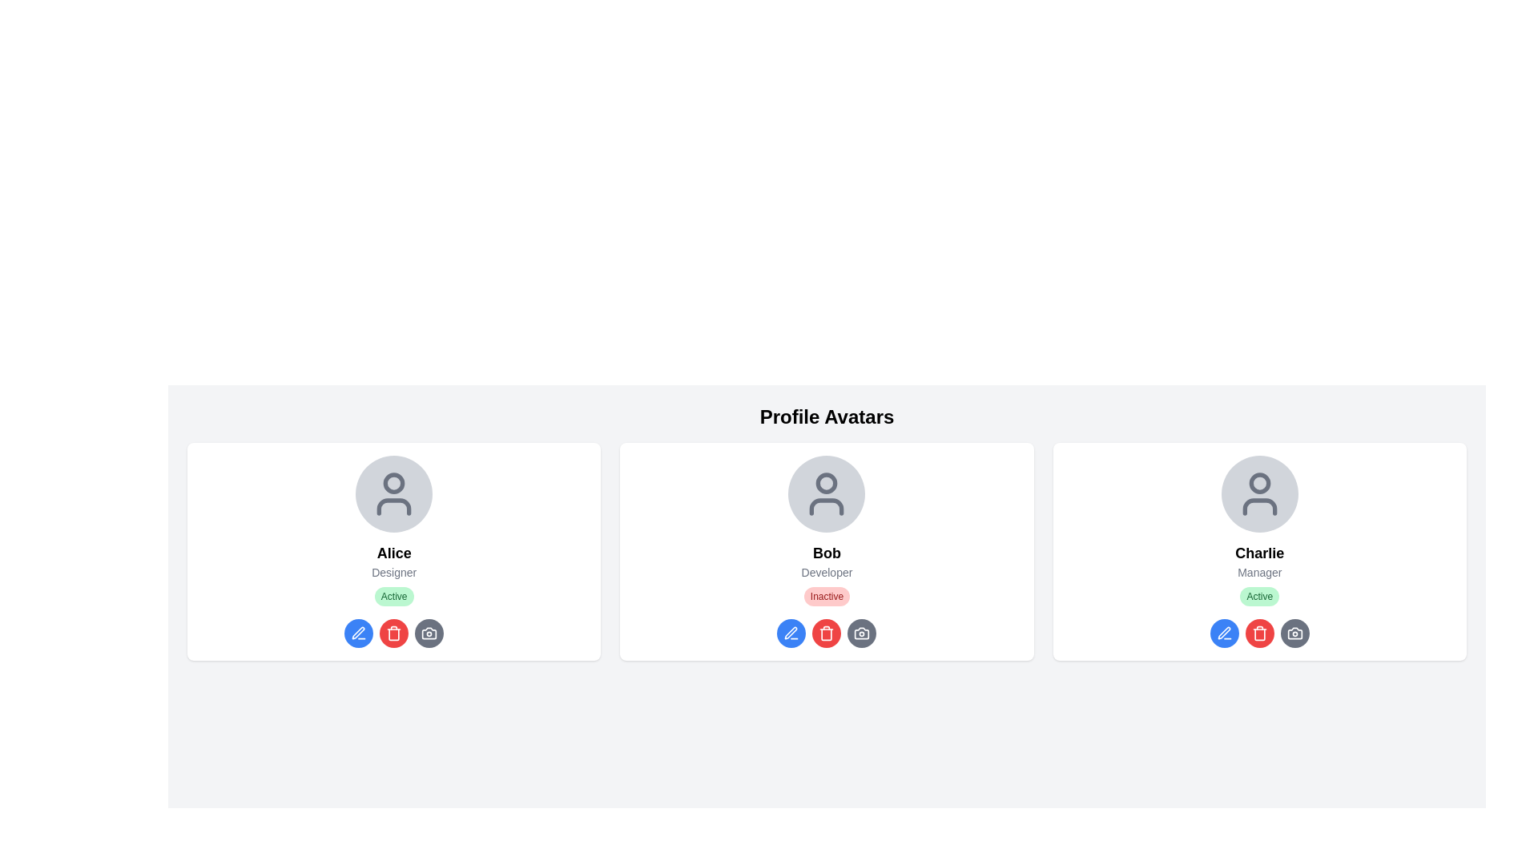 Image resolution: width=1538 pixels, height=865 pixels. I want to click on the avatar icon representing the user 'Charlie', so click(1258, 493).